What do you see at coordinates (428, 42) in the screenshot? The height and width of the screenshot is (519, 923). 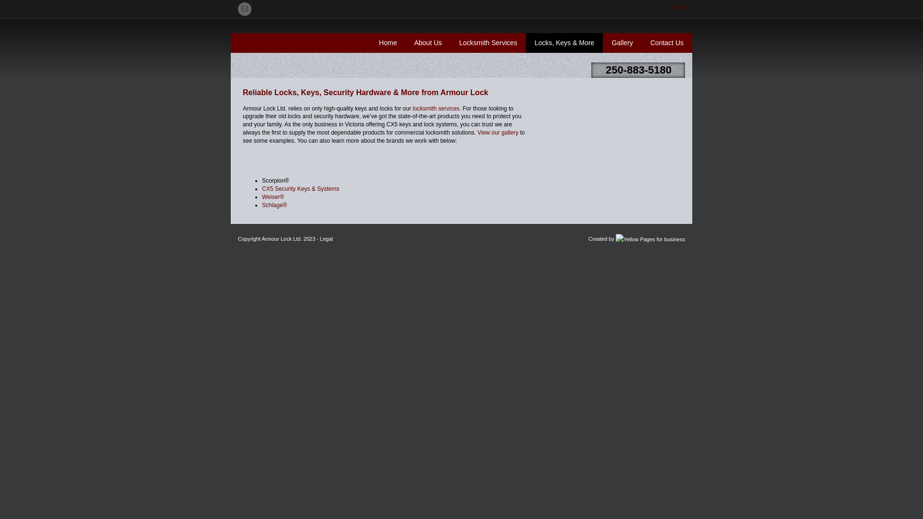 I see `'About Us'` at bounding box center [428, 42].